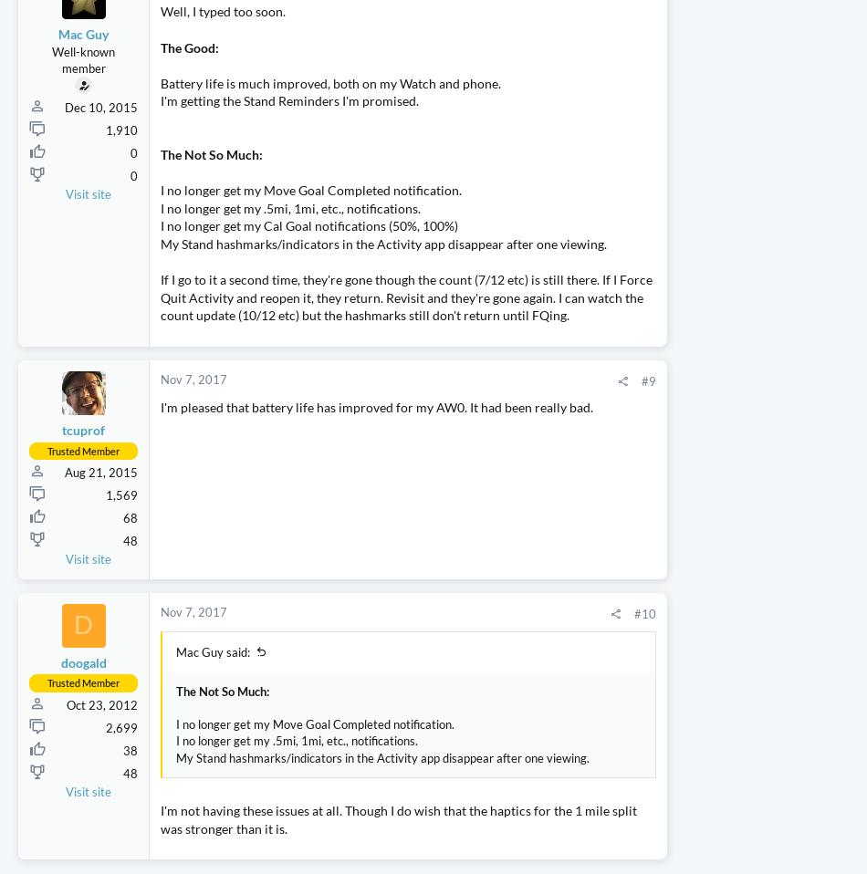 Image resolution: width=867 pixels, height=874 pixels. Describe the element at coordinates (534, 702) in the screenshot. I see `'#10'` at that location.